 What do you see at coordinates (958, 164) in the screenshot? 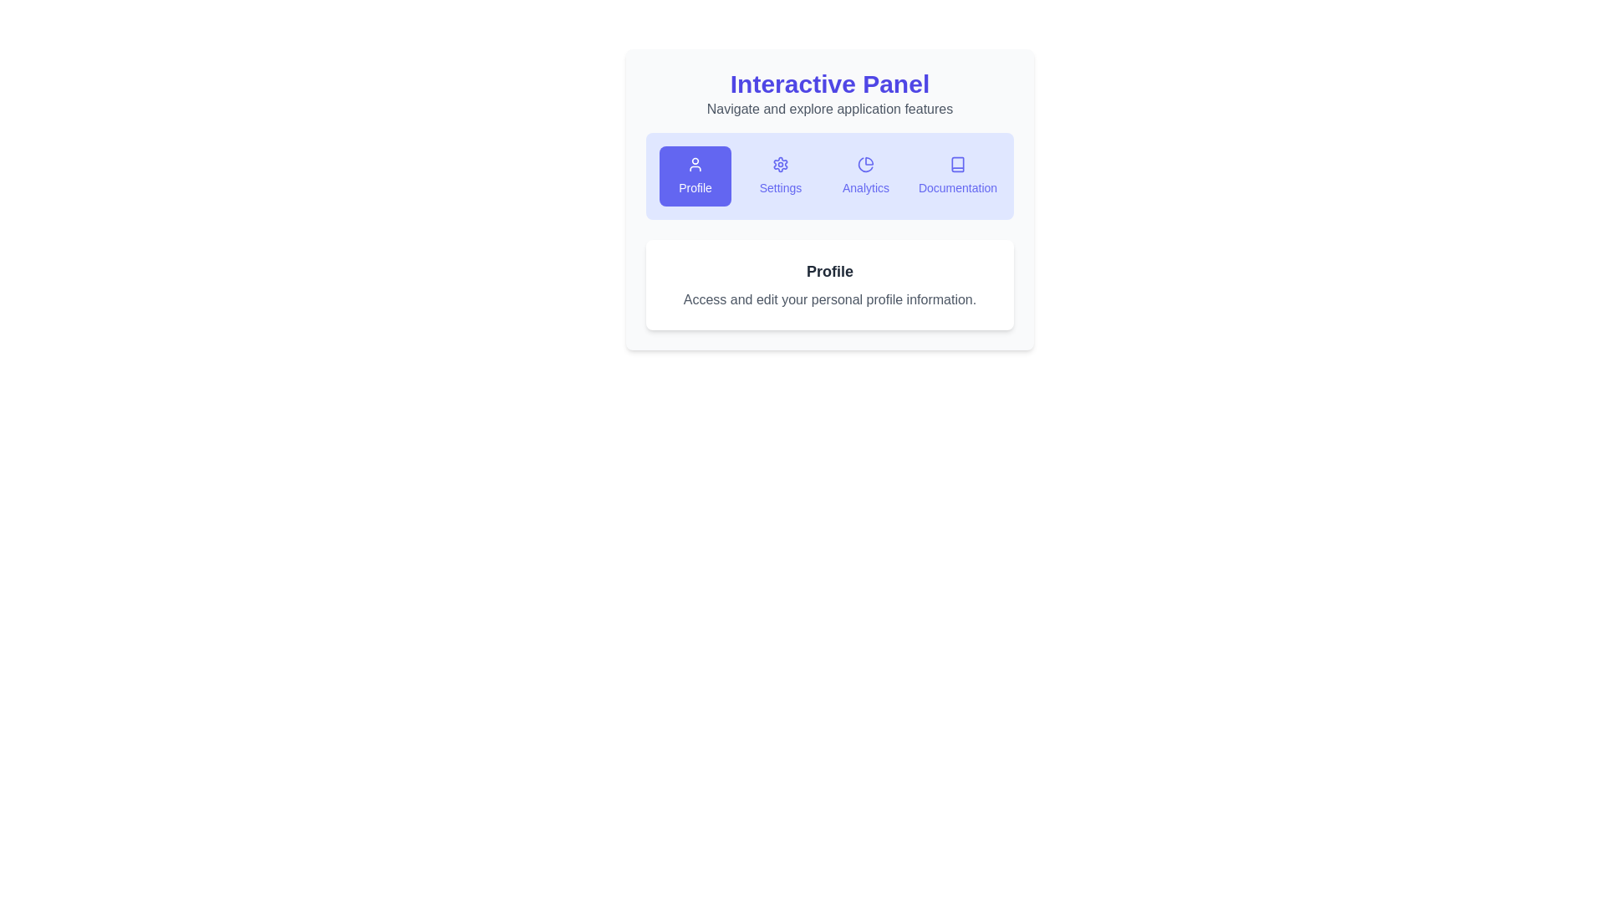
I see `the open book icon located in the top-right corner of the toolbar` at bounding box center [958, 164].